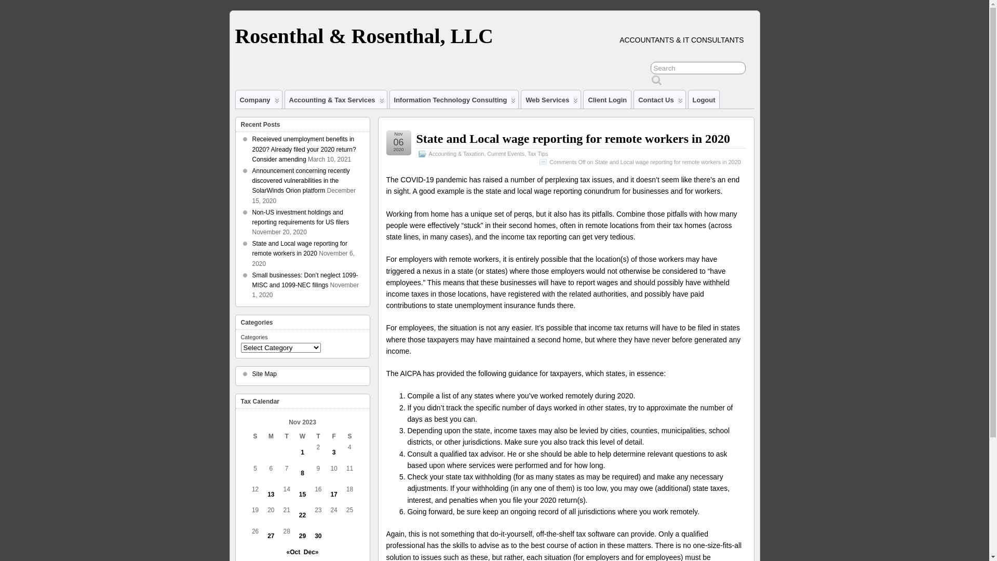 Image resolution: width=997 pixels, height=561 pixels. Describe the element at coordinates (299, 248) in the screenshot. I see `'State and Local wage reporting for remote workers in 2020'` at that location.